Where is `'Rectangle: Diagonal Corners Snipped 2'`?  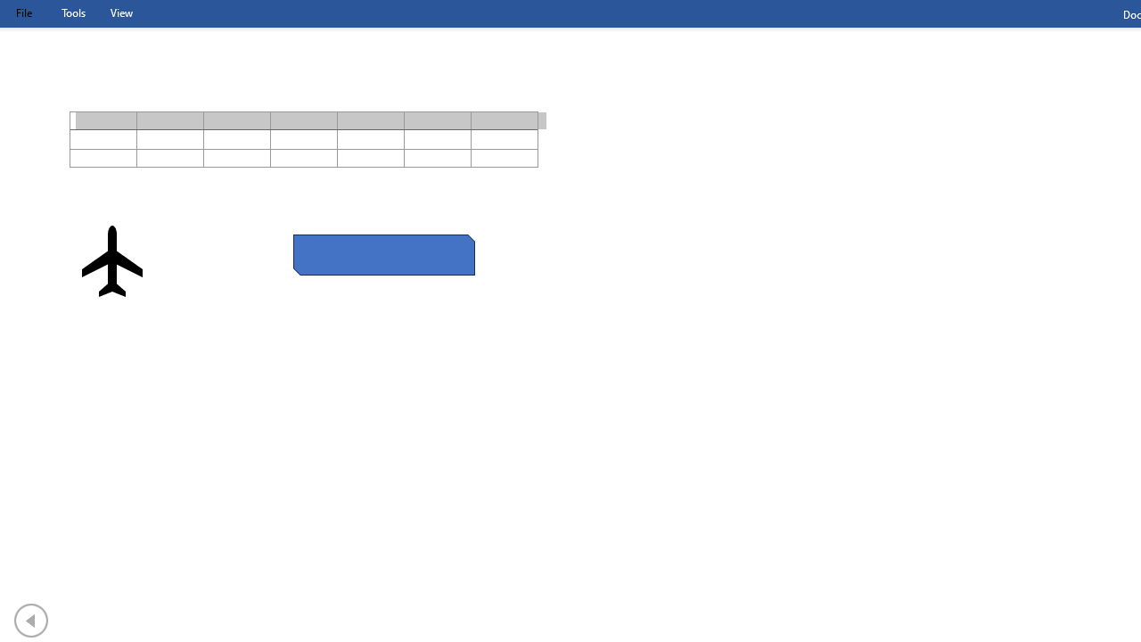
'Rectangle: Diagonal Corners Snipped 2' is located at coordinates (382, 254).